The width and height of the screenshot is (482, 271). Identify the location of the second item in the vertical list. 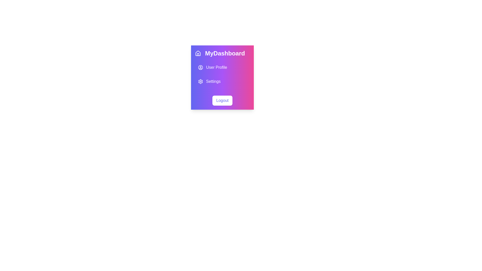
(222, 81).